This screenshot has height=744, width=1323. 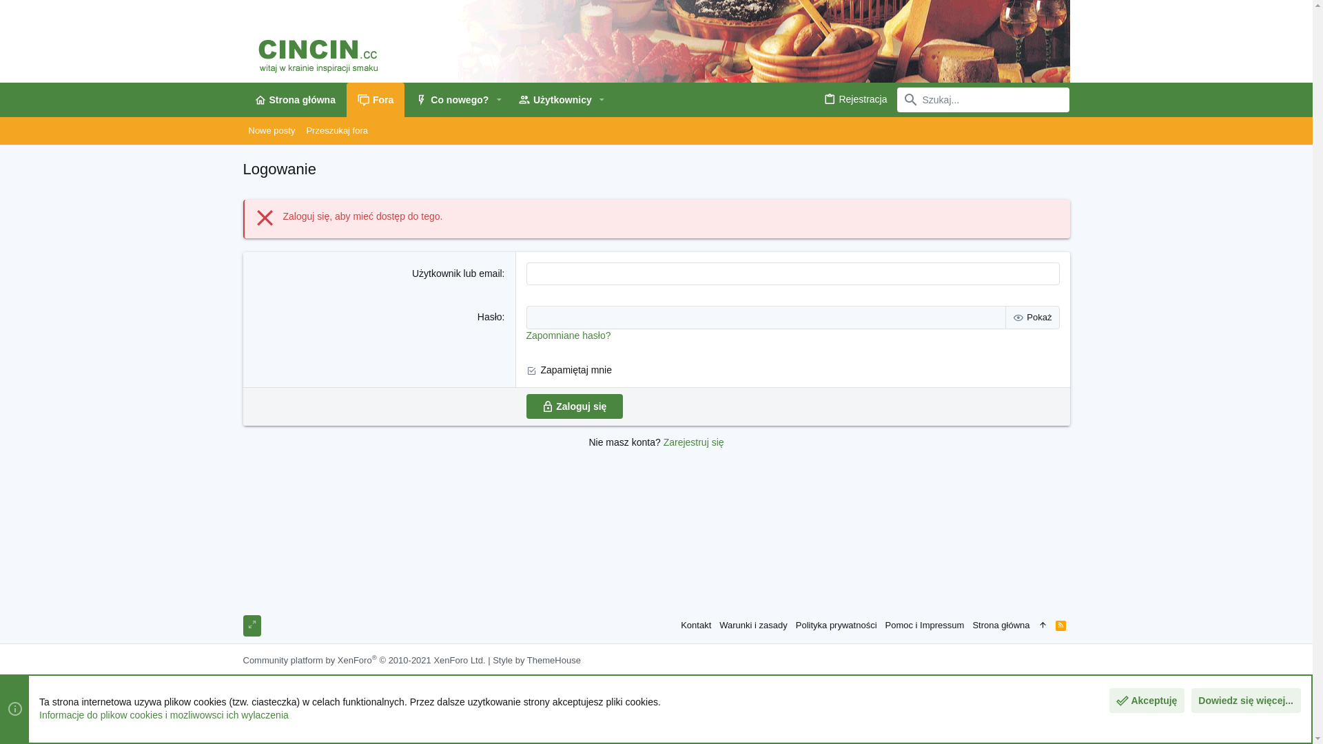 What do you see at coordinates (752, 625) in the screenshot?
I see `'Warunki i zasady'` at bounding box center [752, 625].